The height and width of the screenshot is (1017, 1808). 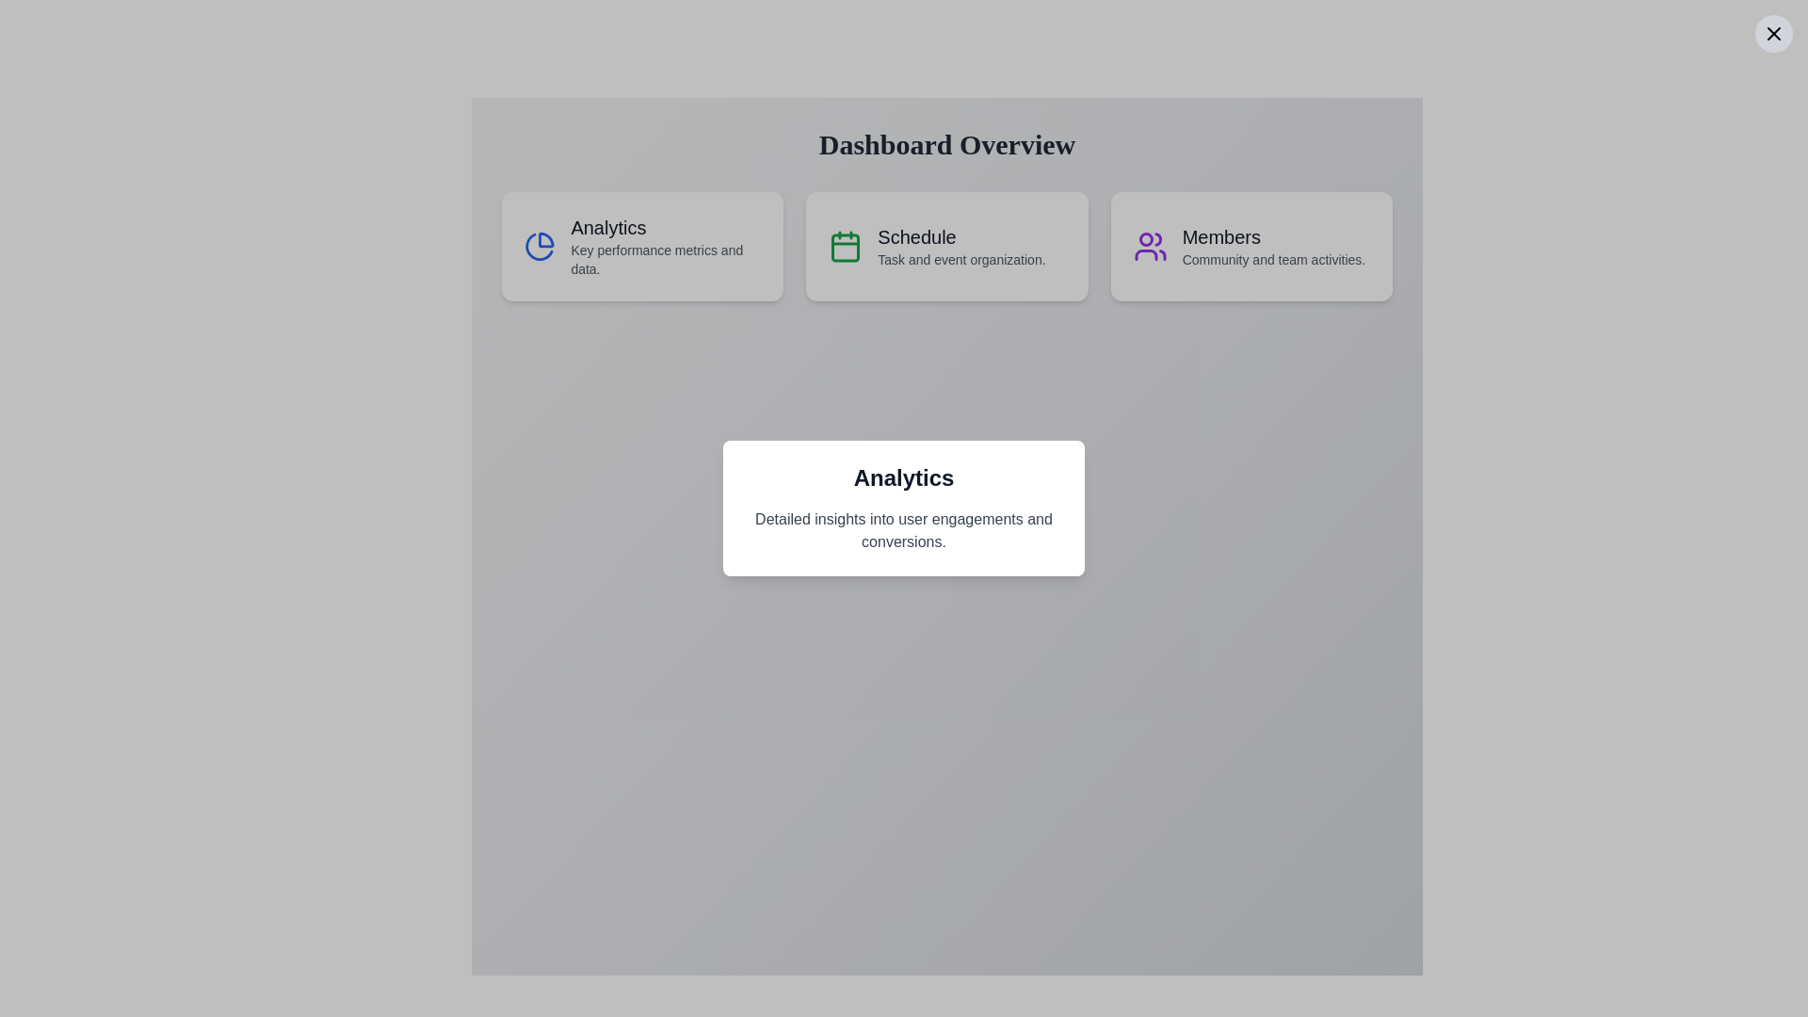 I want to click on the green calendar icon located to the left within the Schedule card on the Dashboard Overview page, next to the text description 'Task and event organization.', so click(x=845, y=246).